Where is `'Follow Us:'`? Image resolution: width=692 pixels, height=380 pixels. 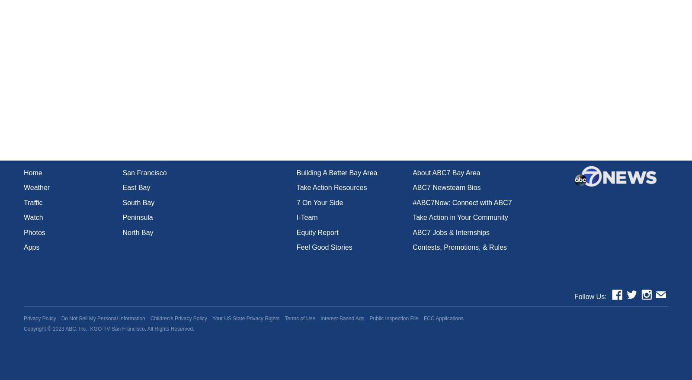 'Follow Us:' is located at coordinates (589, 296).